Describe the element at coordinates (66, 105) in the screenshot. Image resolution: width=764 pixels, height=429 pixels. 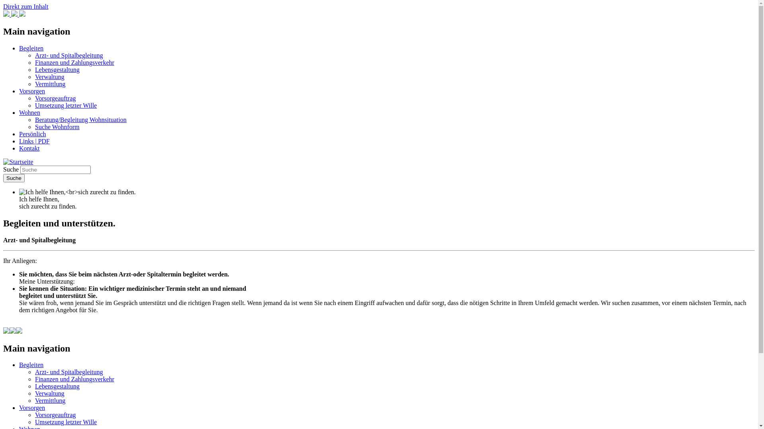
I see `'Umsetzung letzter Wille'` at that location.